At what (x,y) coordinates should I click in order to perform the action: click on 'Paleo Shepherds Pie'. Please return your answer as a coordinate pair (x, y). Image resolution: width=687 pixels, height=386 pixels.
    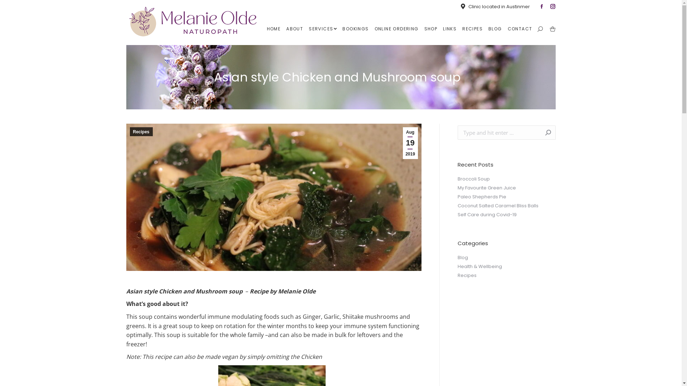
    Looking at the image, I should click on (481, 197).